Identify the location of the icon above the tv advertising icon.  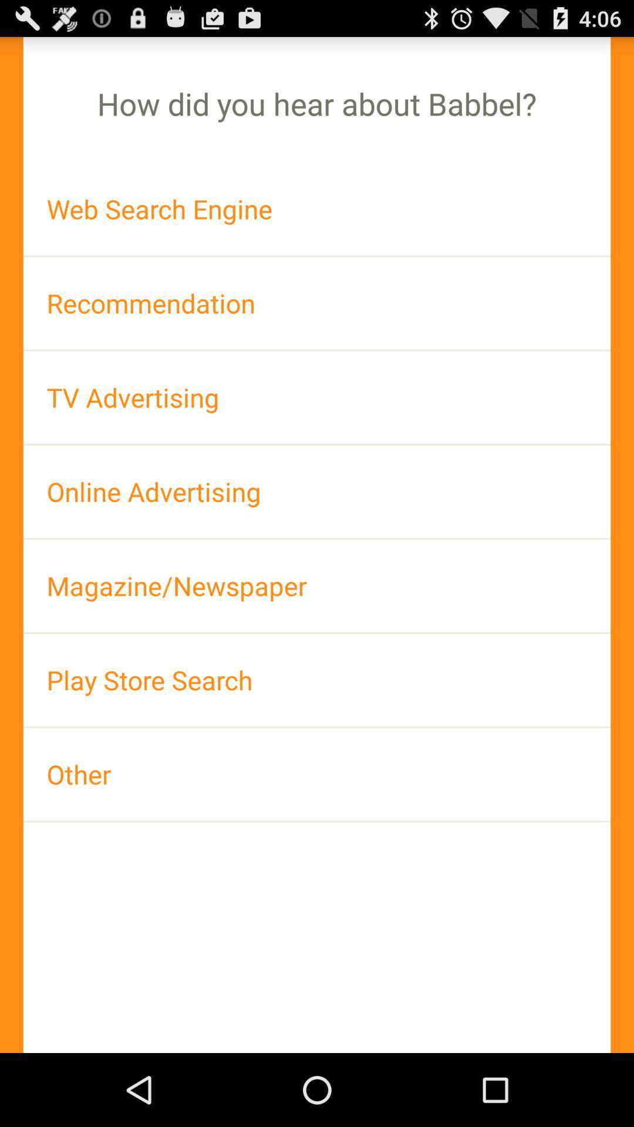
(317, 303).